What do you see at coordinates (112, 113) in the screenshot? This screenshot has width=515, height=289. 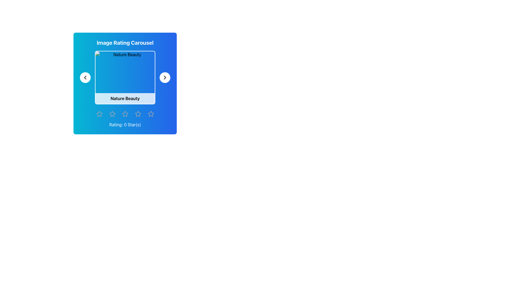 I see `the first star icon in the rating control group located below the 'Nature Beauty' image` at bounding box center [112, 113].